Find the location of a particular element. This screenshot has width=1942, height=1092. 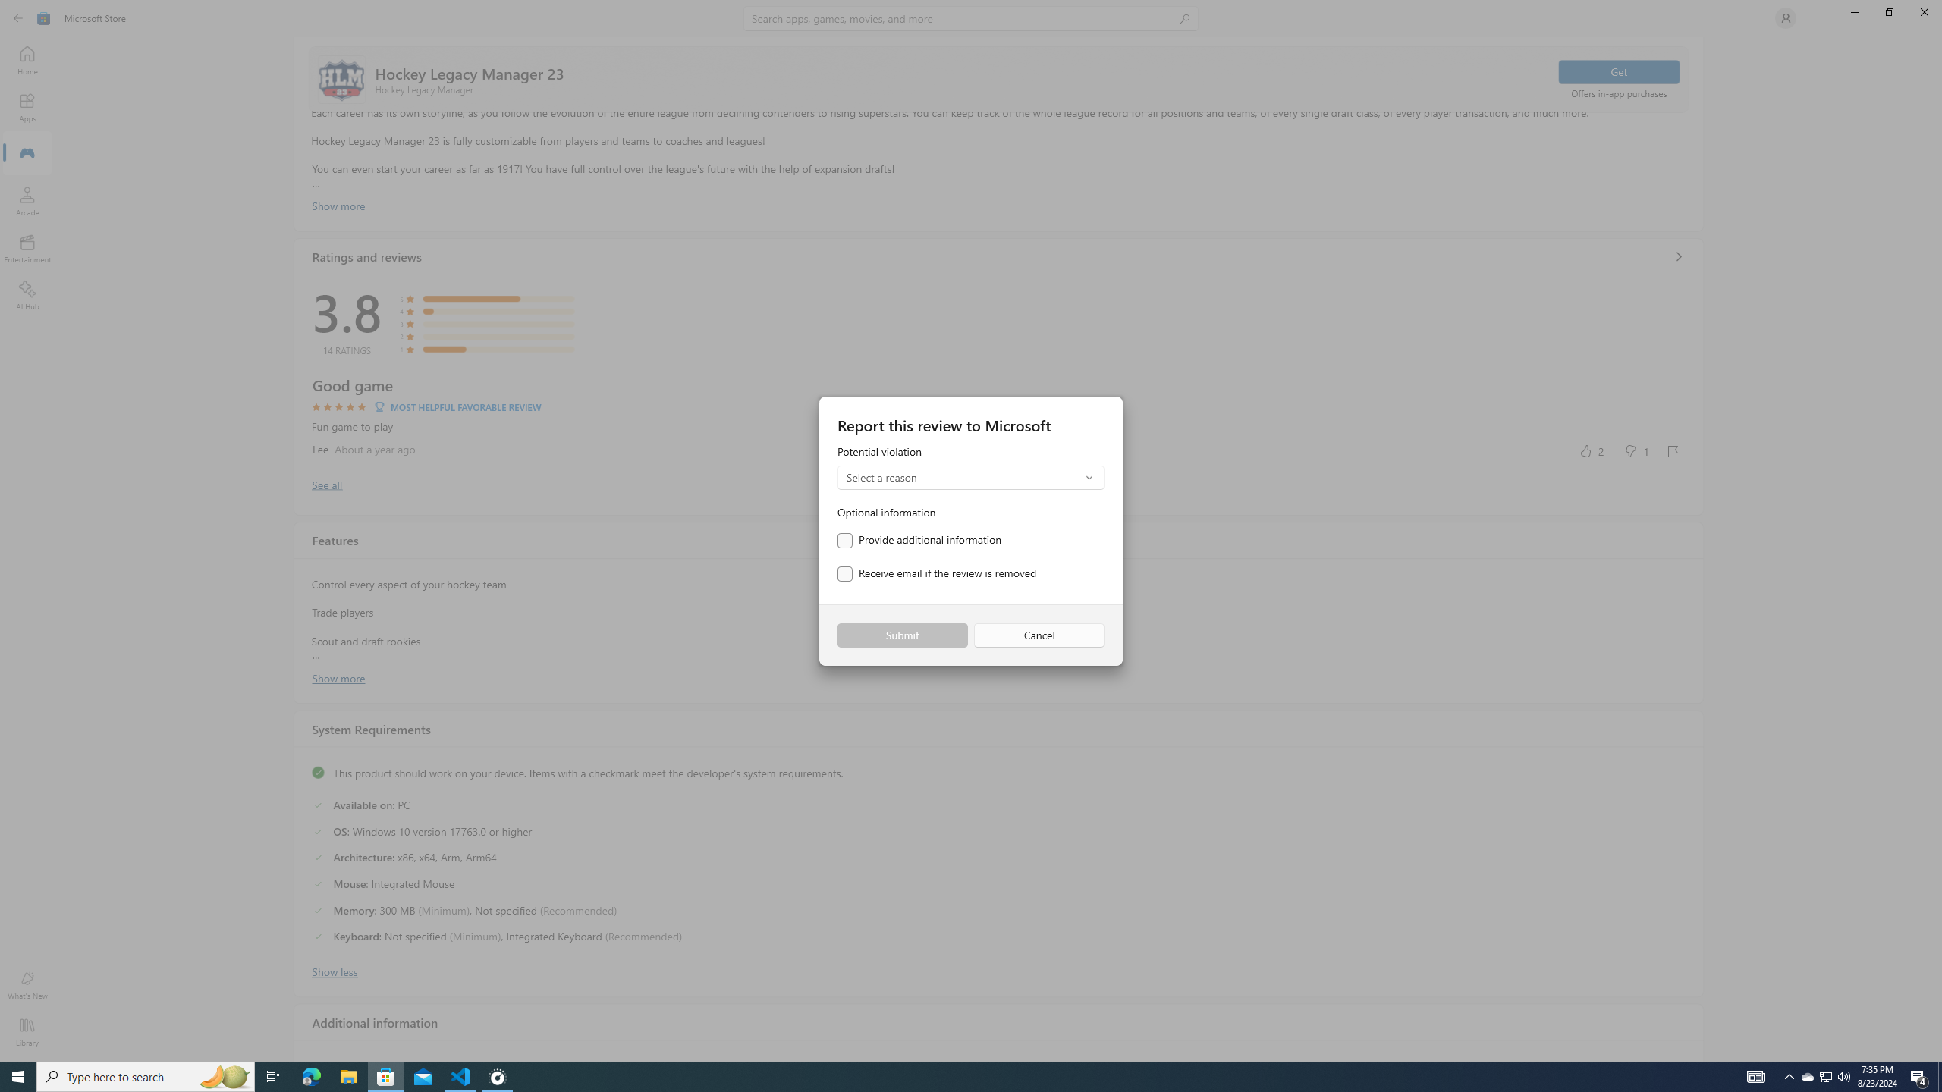

'Submit' is located at coordinates (902, 635).